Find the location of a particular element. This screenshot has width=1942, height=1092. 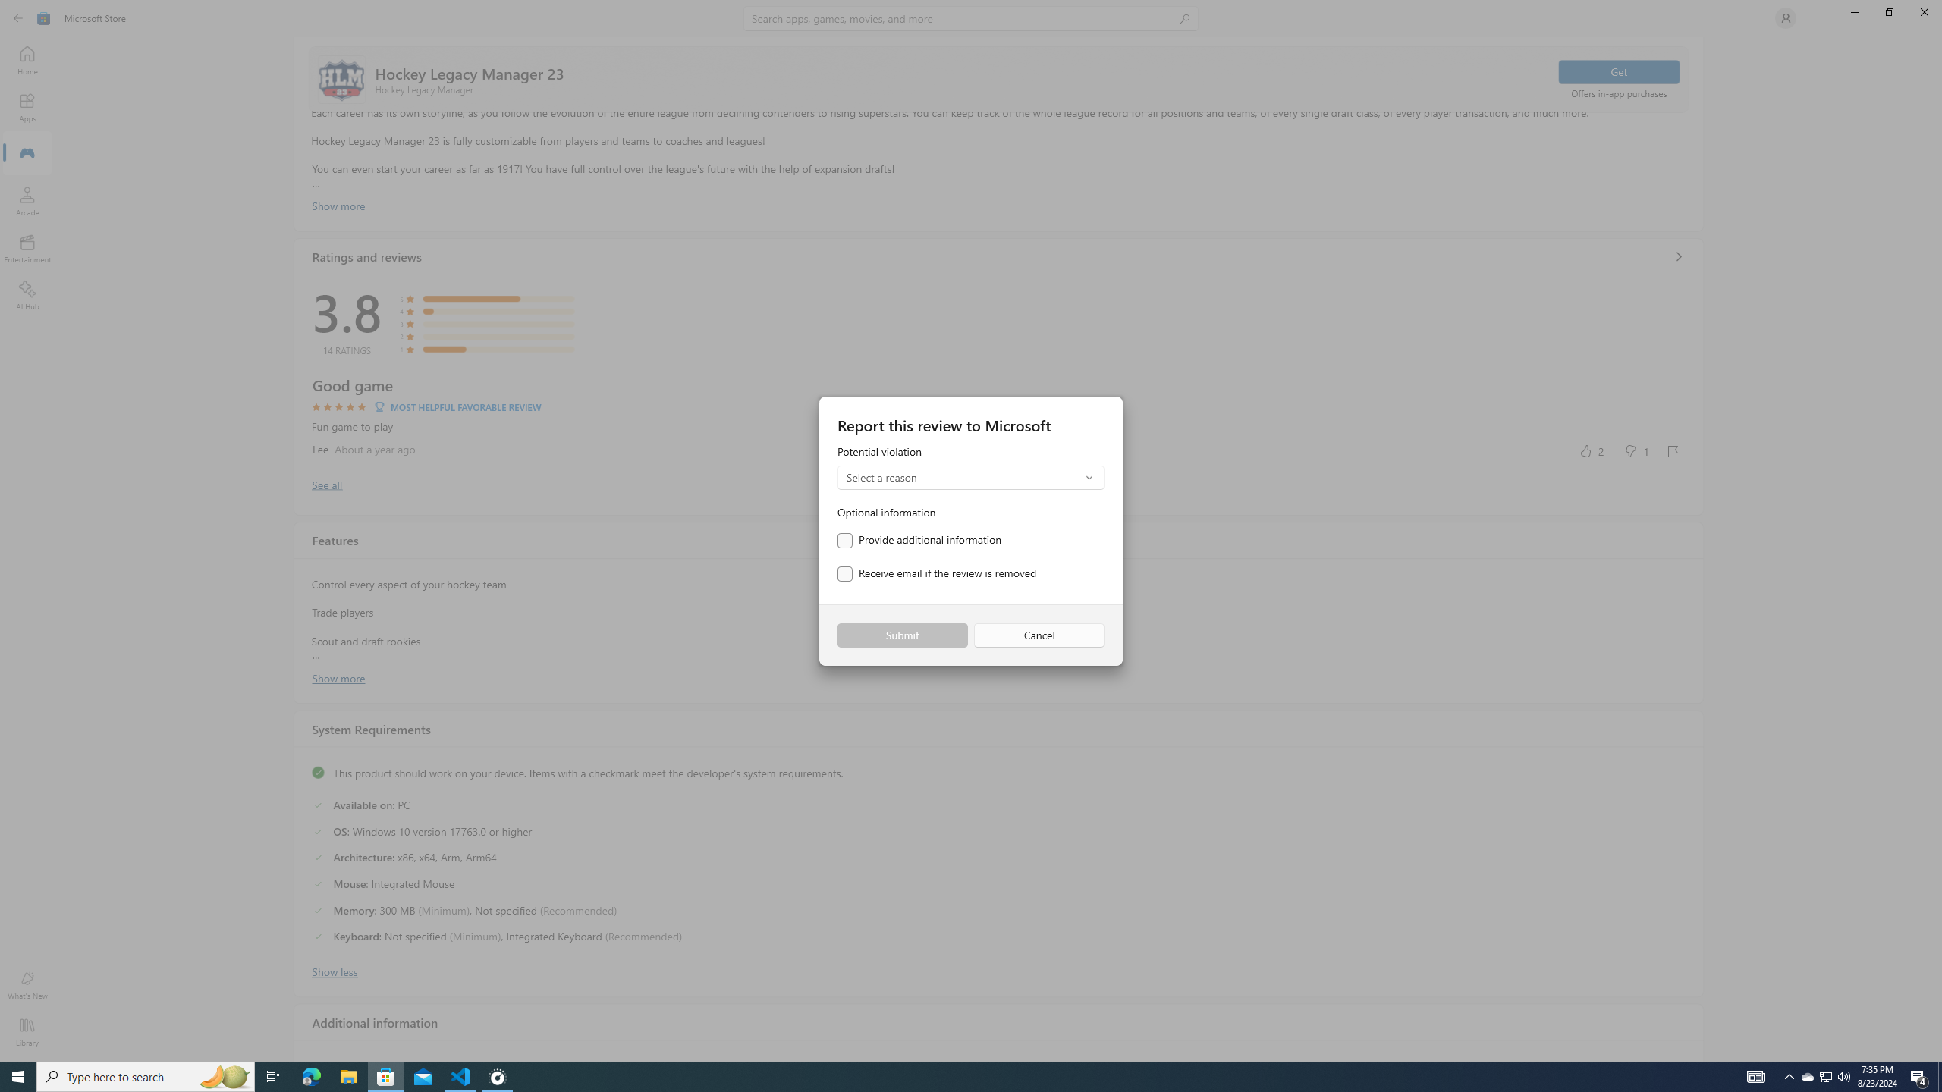

'Submit' is located at coordinates (902, 635).